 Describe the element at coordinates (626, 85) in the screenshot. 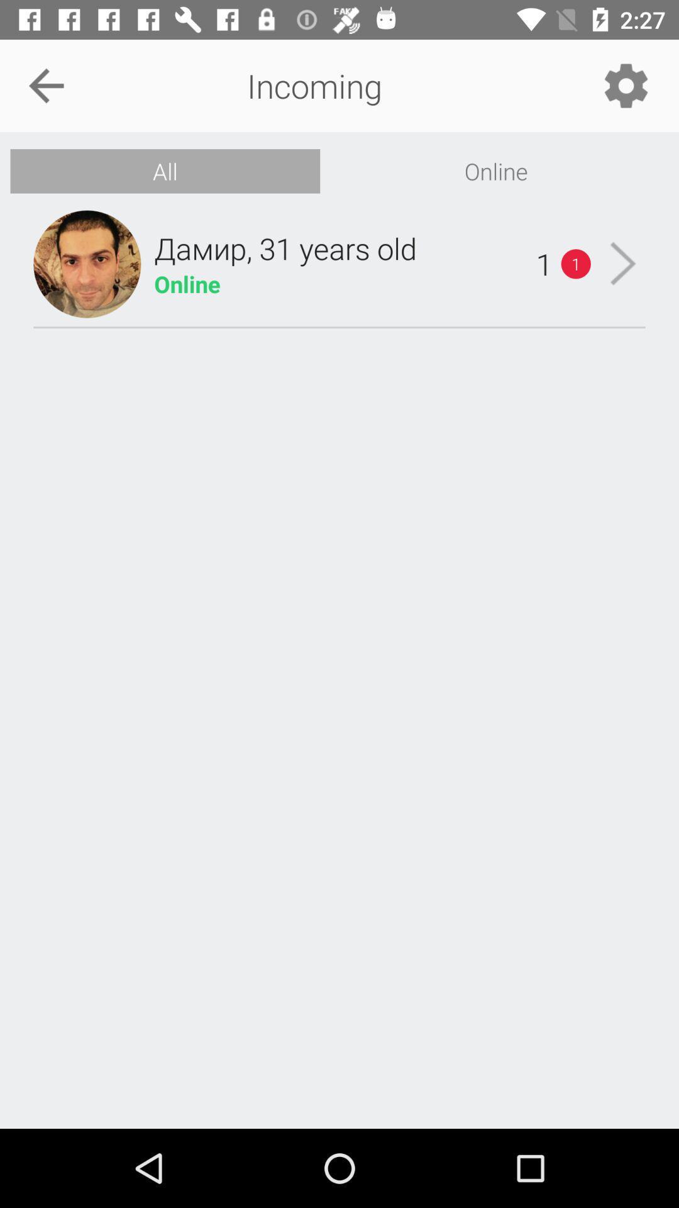

I see `item above the online` at that location.